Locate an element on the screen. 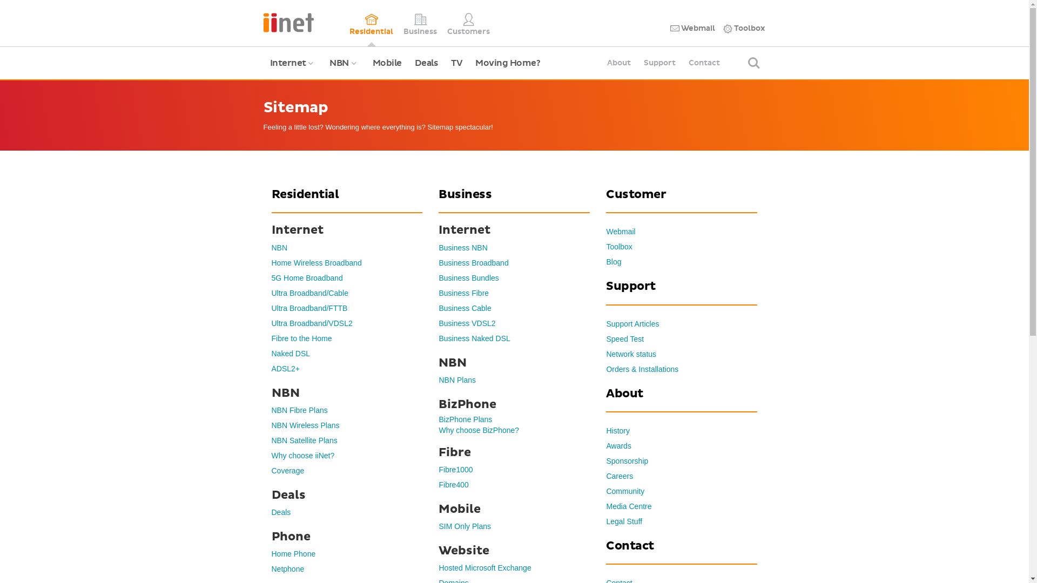  'Network status' is located at coordinates (631, 354).